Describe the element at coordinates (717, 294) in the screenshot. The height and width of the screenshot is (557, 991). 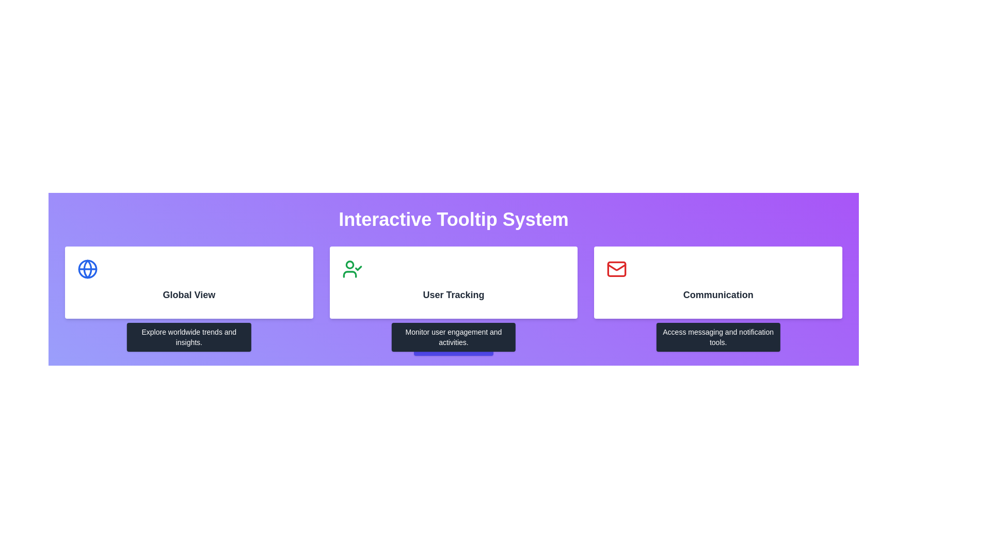
I see `the text label that reads 'Communication', which is styled with dark gray text on a white background and is positioned below a red mail icon within a rectangular card` at that location.